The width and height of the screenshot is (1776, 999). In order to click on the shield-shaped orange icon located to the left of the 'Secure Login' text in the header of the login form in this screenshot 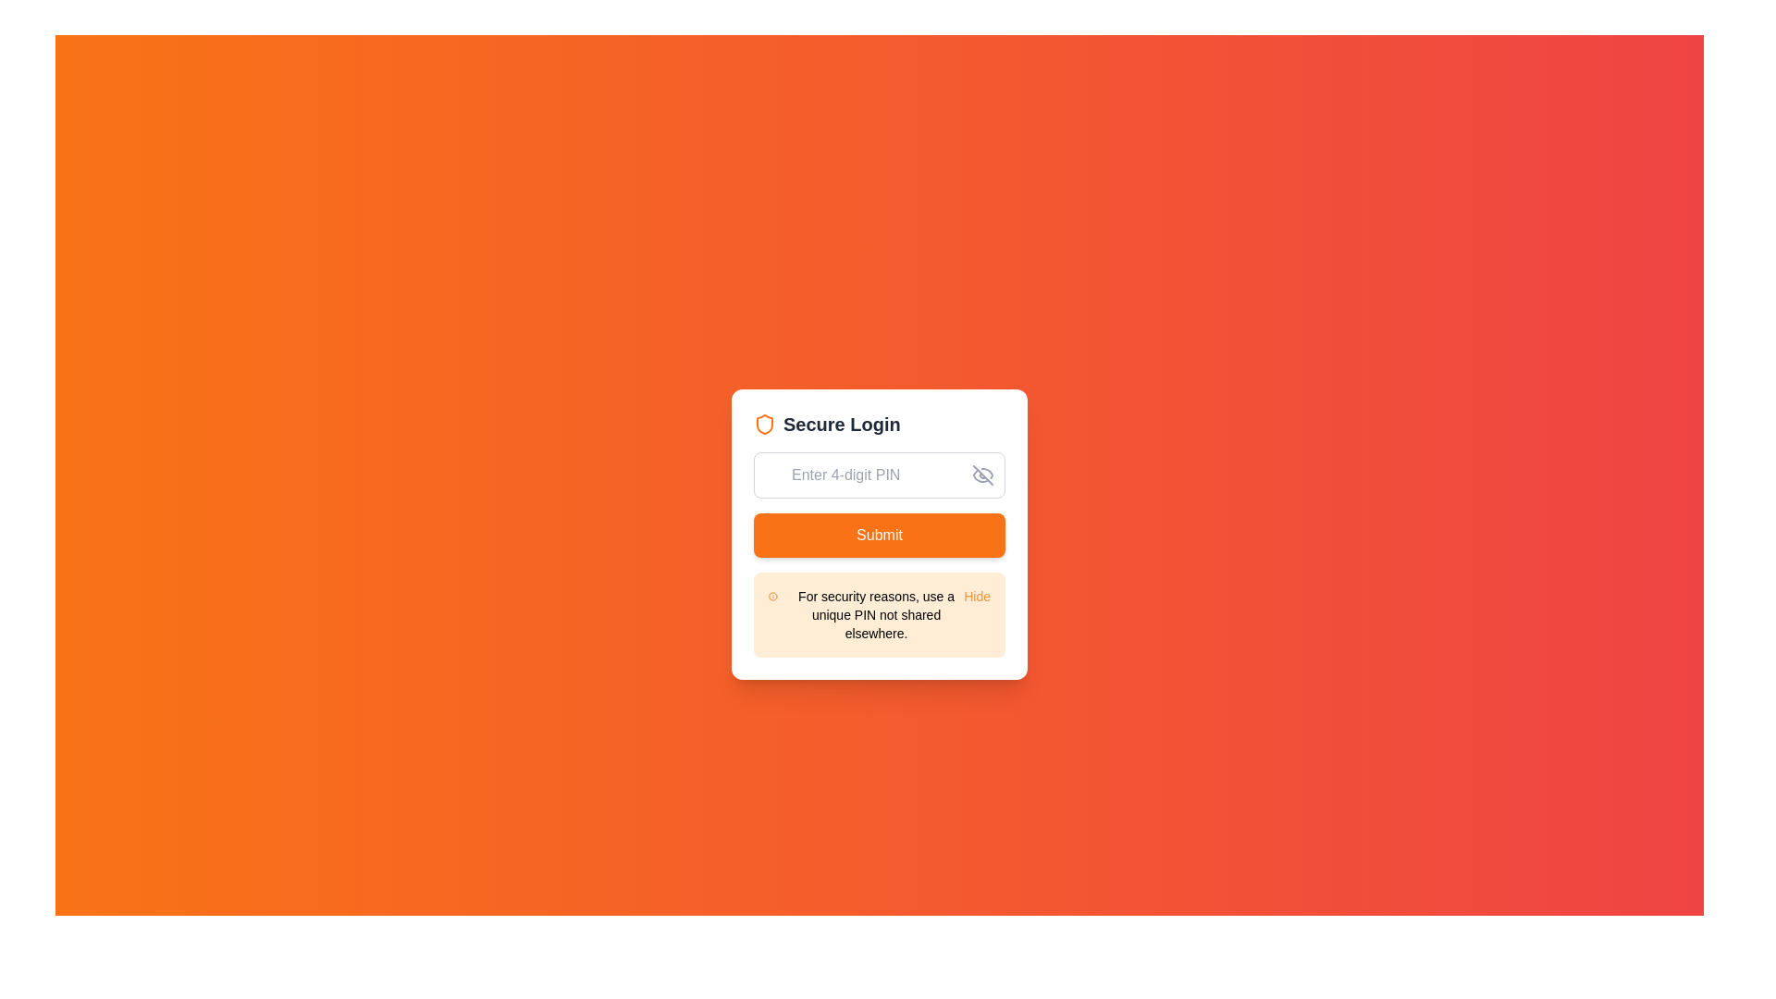, I will do `click(764, 425)`.